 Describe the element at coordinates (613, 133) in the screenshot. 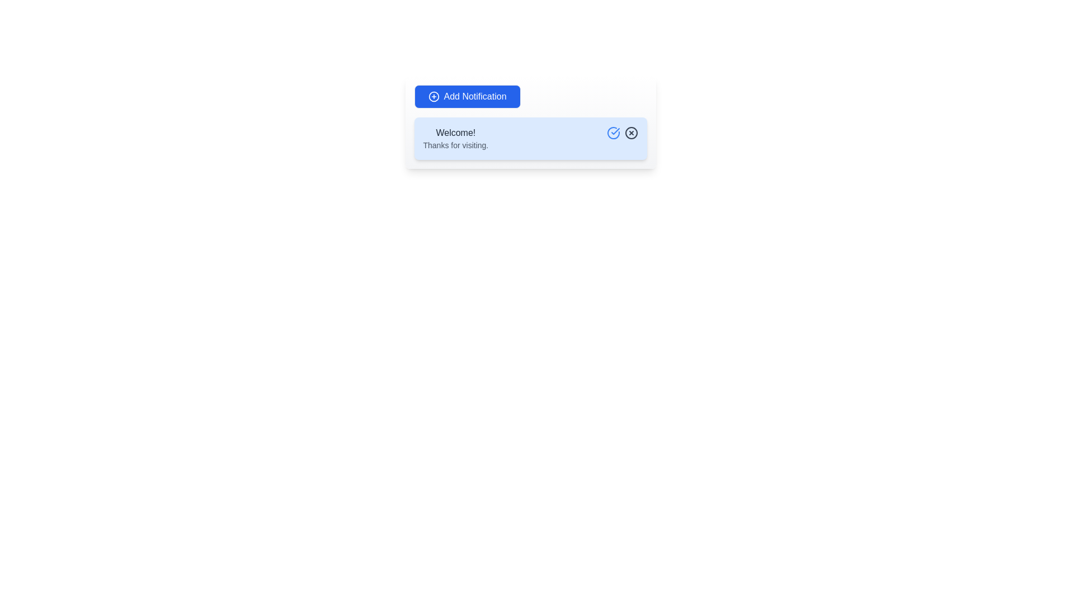

I see `the circular icon with a blue outline and a checkmark in the center, located to the left of the dismiss icon` at that location.